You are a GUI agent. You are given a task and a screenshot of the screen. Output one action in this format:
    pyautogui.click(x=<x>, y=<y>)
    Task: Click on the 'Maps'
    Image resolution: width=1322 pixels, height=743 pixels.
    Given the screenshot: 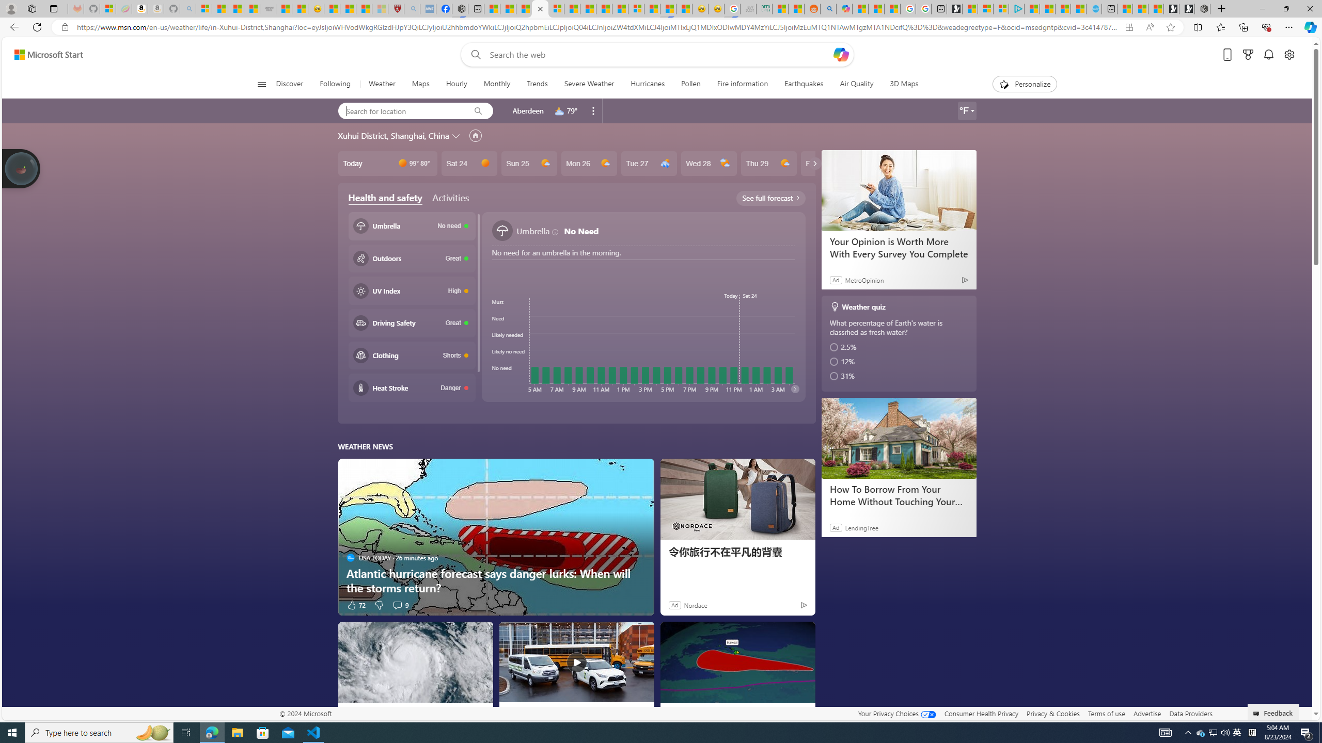 What is the action you would take?
    pyautogui.click(x=420, y=84)
    